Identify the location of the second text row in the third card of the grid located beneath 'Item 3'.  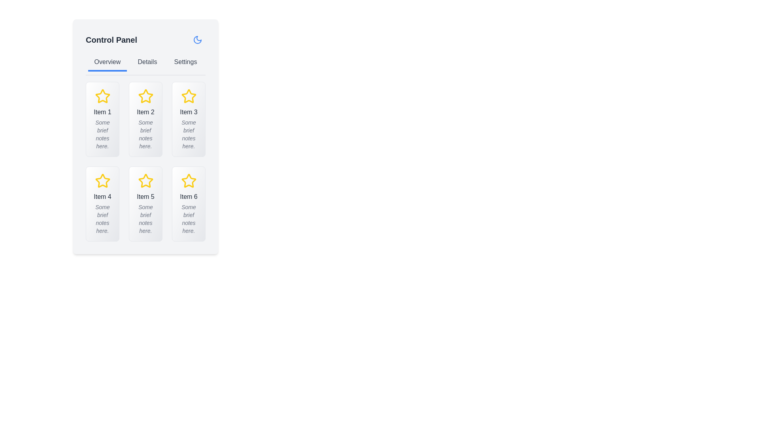
(188, 134).